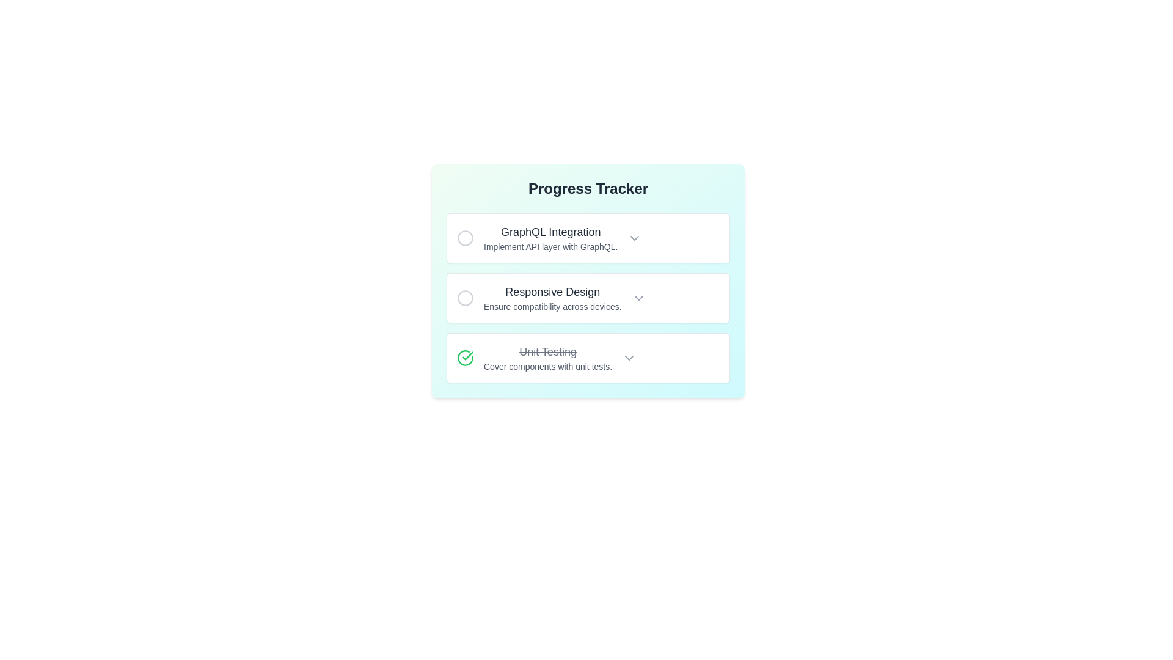 The height and width of the screenshot is (660, 1173). I want to click on the second row in the progress tracker panel labeled 'Responsive Design' that describes the task 'Ensure compatibility across devices.', so click(588, 298).